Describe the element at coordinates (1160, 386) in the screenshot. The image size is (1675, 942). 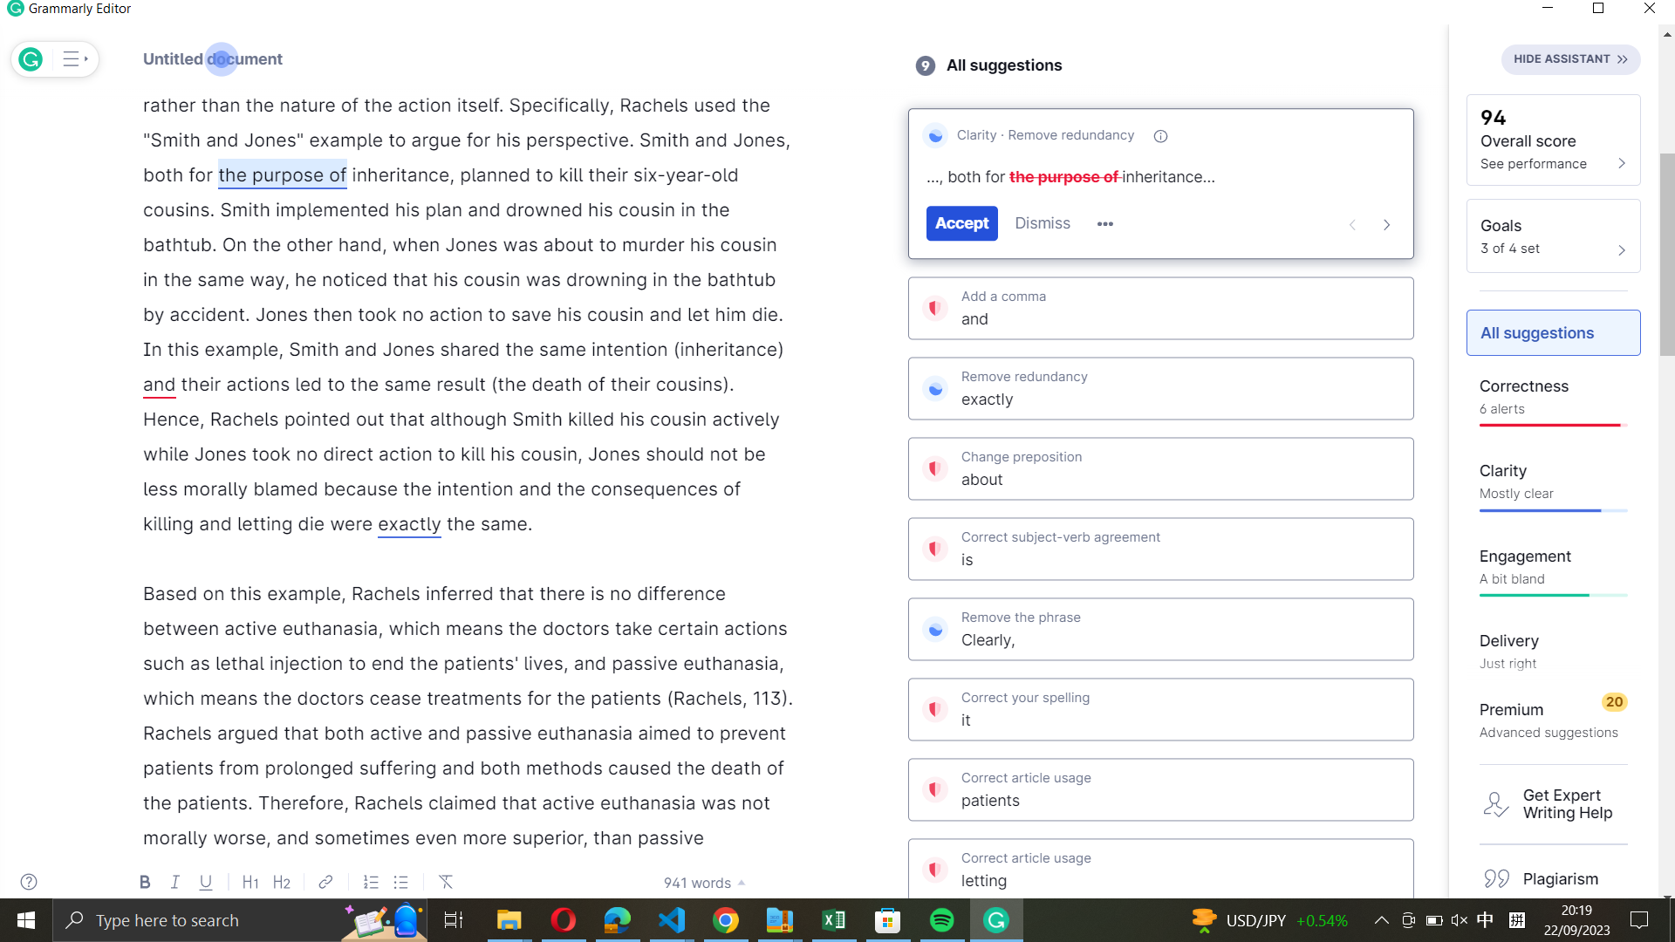
I see `Utilize Grammarly"s recommendation precisely as provided` at that location.